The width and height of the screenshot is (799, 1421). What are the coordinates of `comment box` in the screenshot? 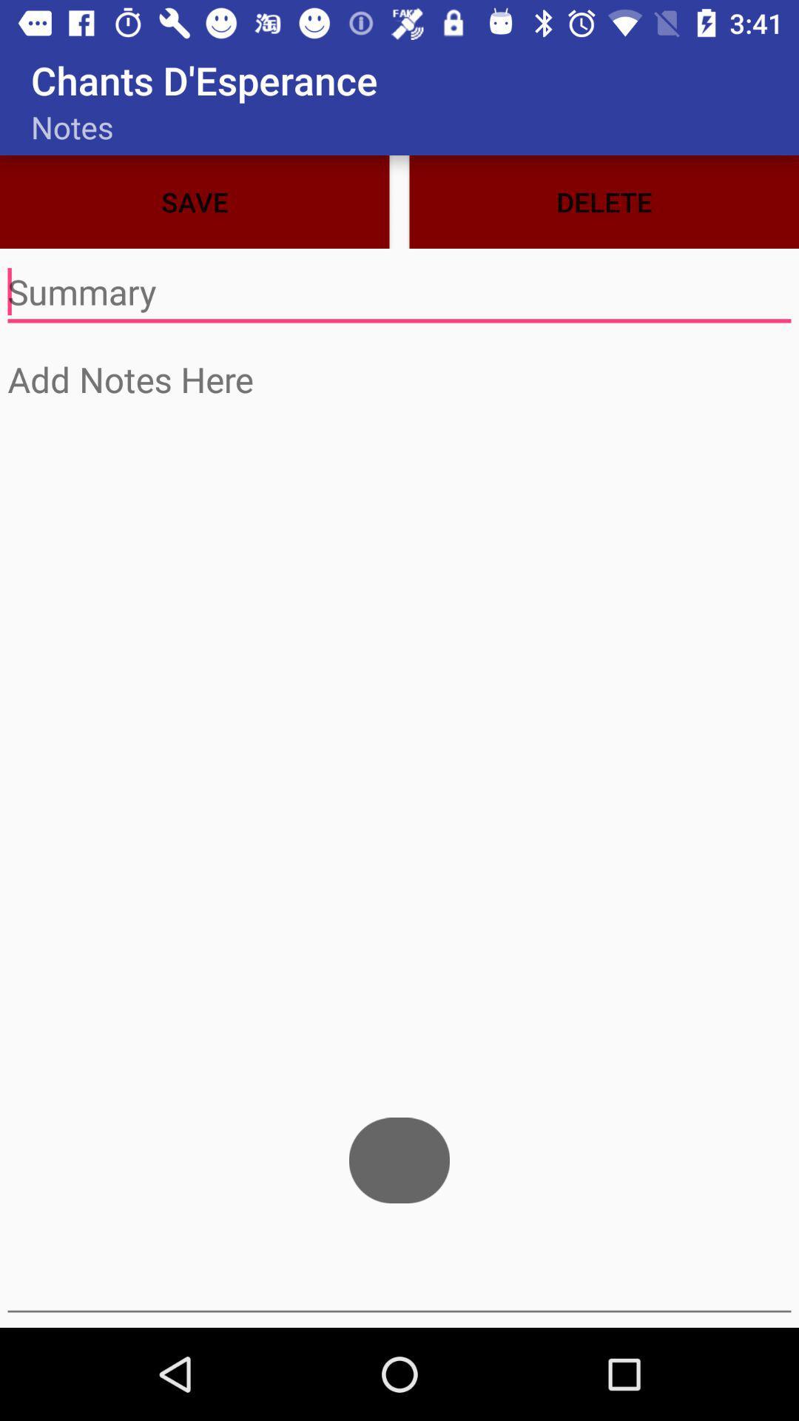 It's located at (399, 292).